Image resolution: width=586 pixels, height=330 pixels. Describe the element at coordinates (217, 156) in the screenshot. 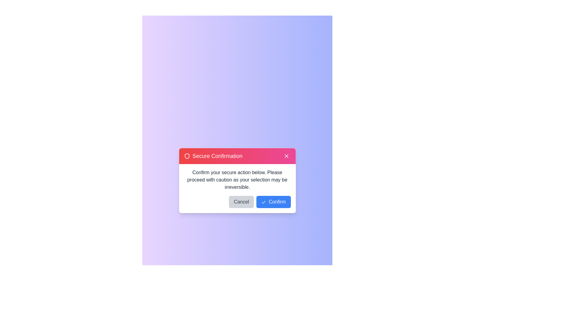

I see `the static text that serves as the title or heading for the modal, located in the top red bar, positioned between an icon and a close button` at that location.